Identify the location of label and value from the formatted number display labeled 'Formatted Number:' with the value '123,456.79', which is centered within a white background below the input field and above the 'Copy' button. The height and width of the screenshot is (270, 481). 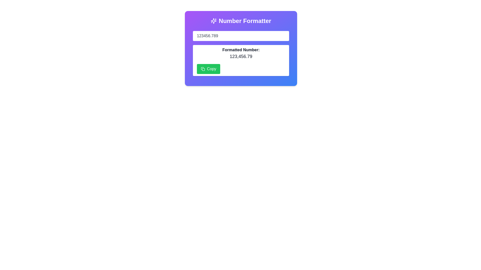
(241, 53).